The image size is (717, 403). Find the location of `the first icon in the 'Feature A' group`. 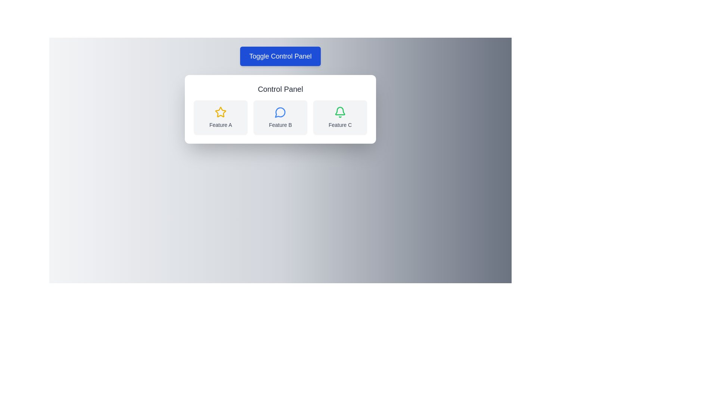

the first icon in the 'Feature A' group is located at coordinates (220, 112).